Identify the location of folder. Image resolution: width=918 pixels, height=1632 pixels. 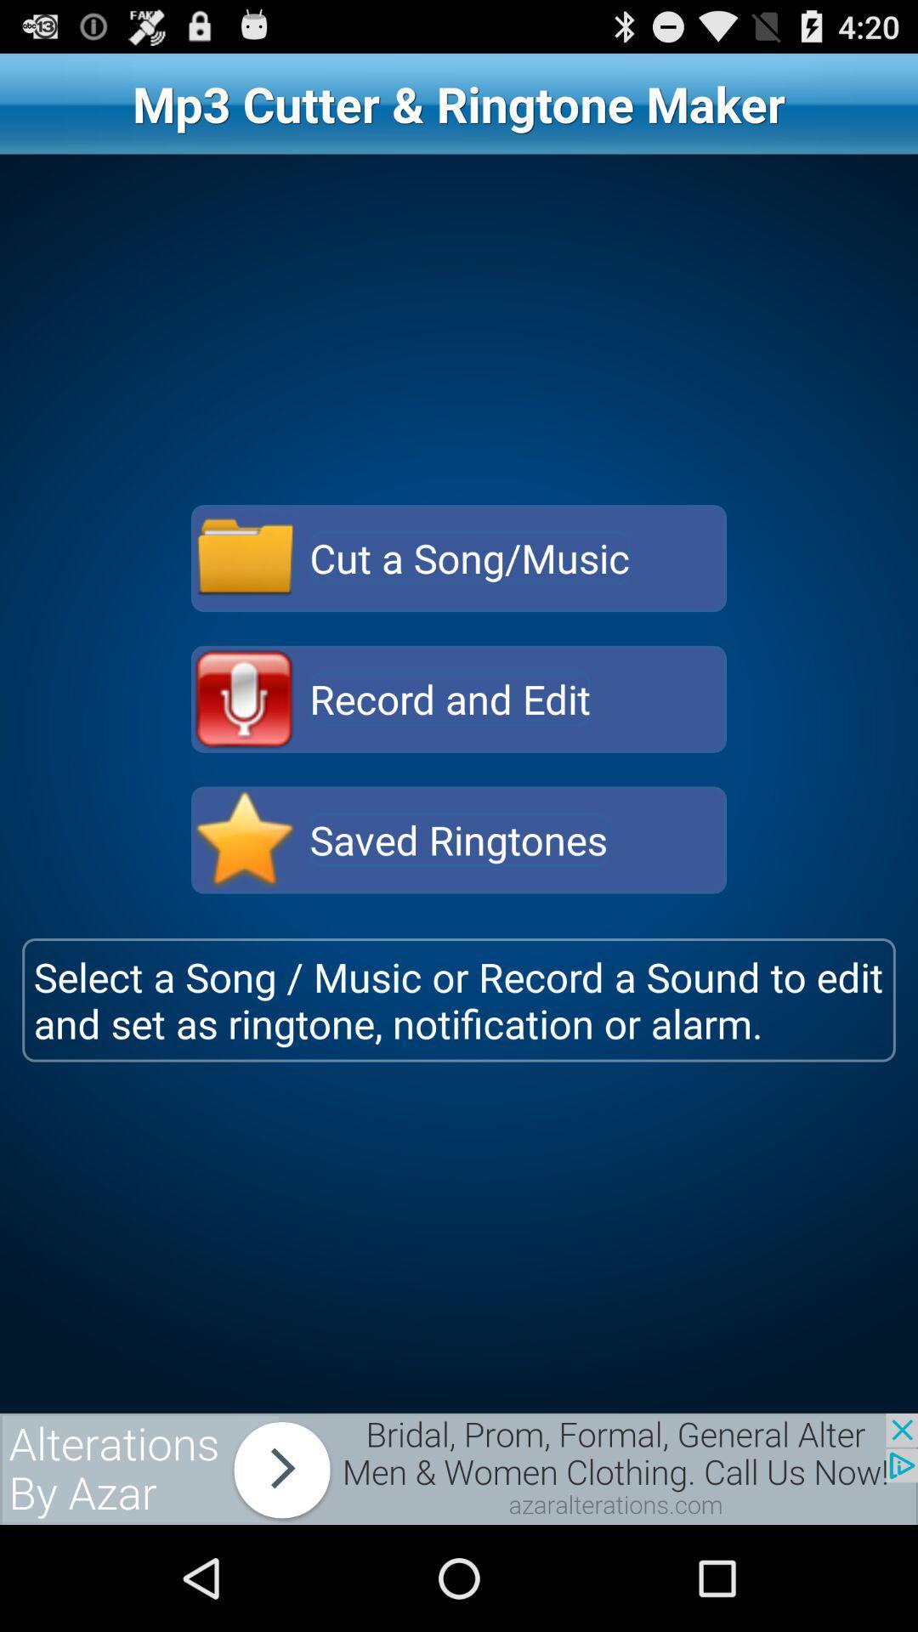
(245, 558).